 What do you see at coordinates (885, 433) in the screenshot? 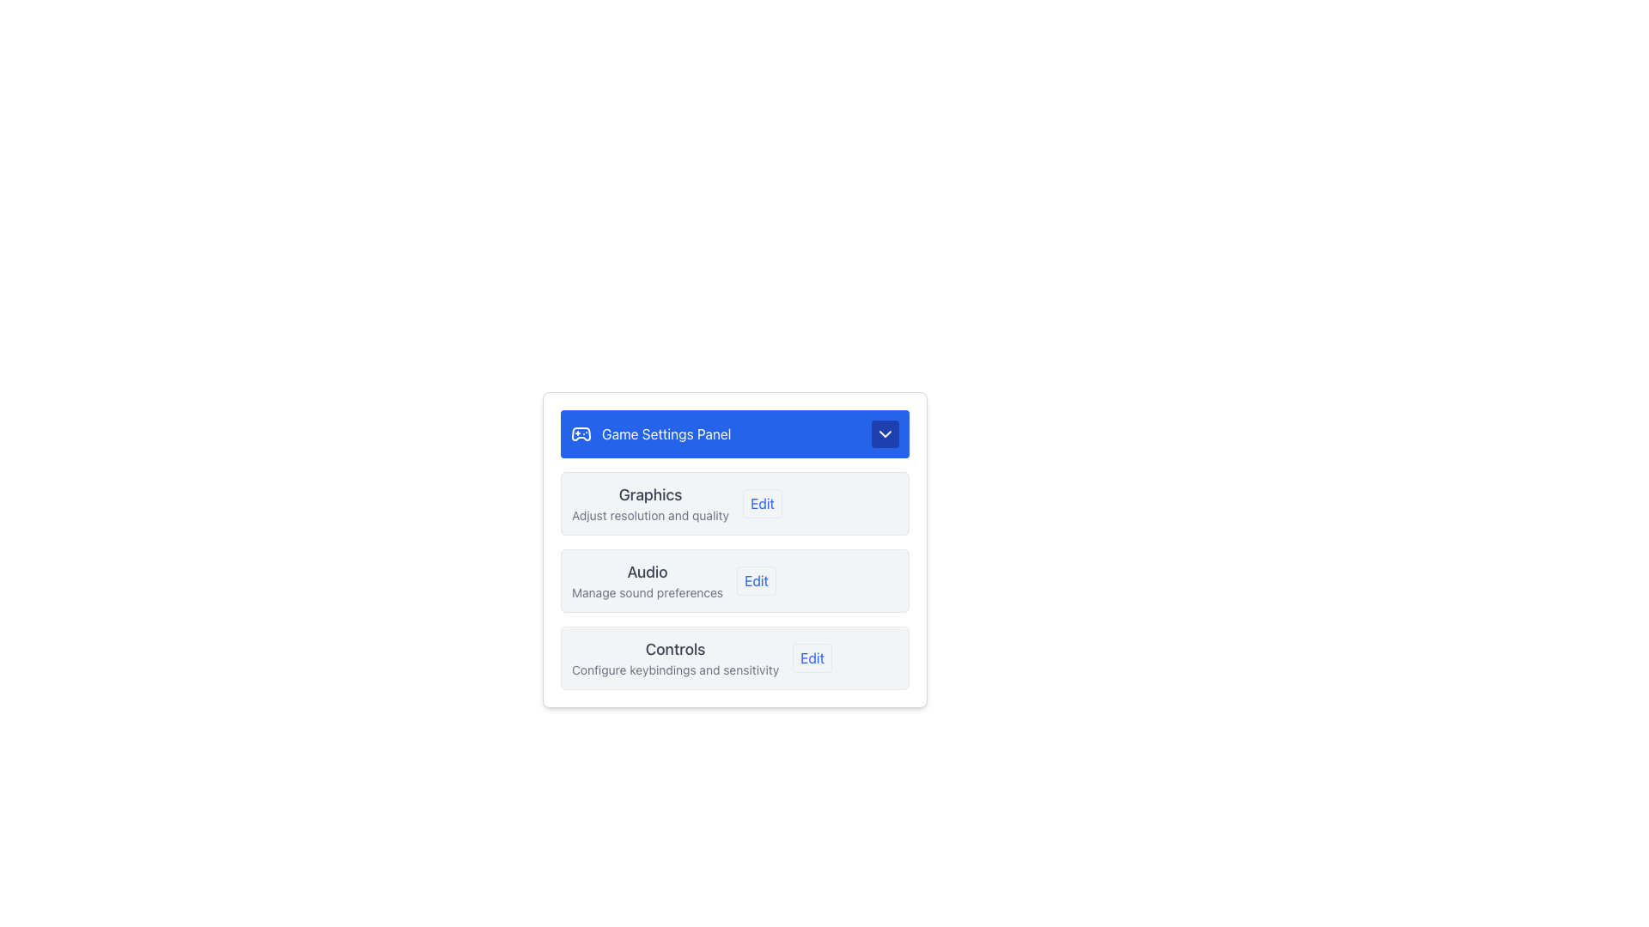
I see `the downward-pointing chevron icon located in the blue button at the top-right corner of the 'Game Settings Panel'` at bounding box center [885, 433].